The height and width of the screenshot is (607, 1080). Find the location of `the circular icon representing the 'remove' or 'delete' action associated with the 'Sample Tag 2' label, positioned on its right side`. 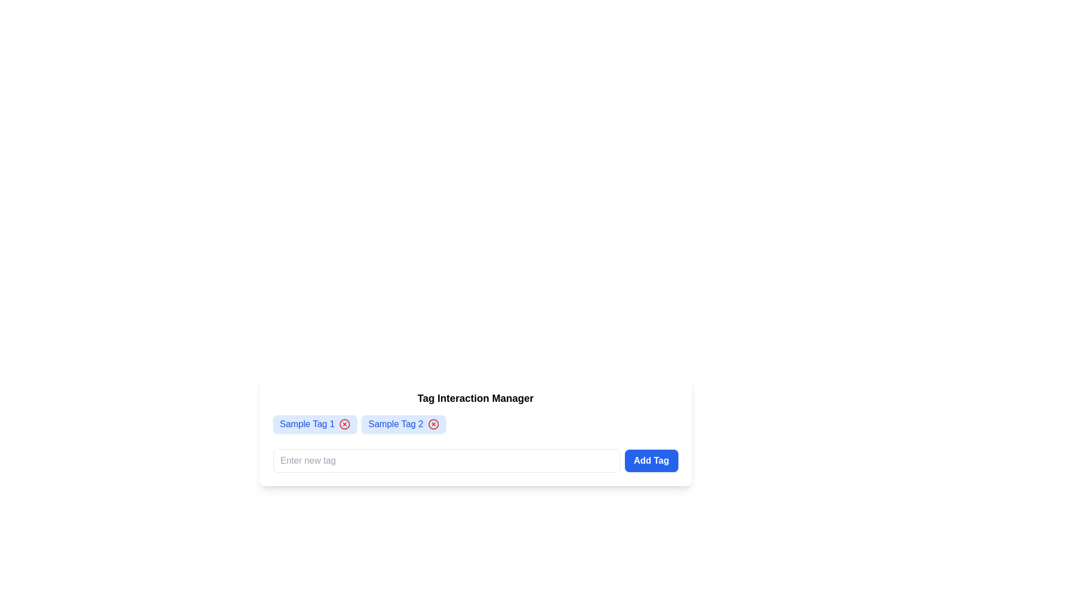

the circular icon representing the 'remove' or 'delete' action associated with the 'Sample Tag 2' label, positioned on its right side is located at coordinates (433, 424).